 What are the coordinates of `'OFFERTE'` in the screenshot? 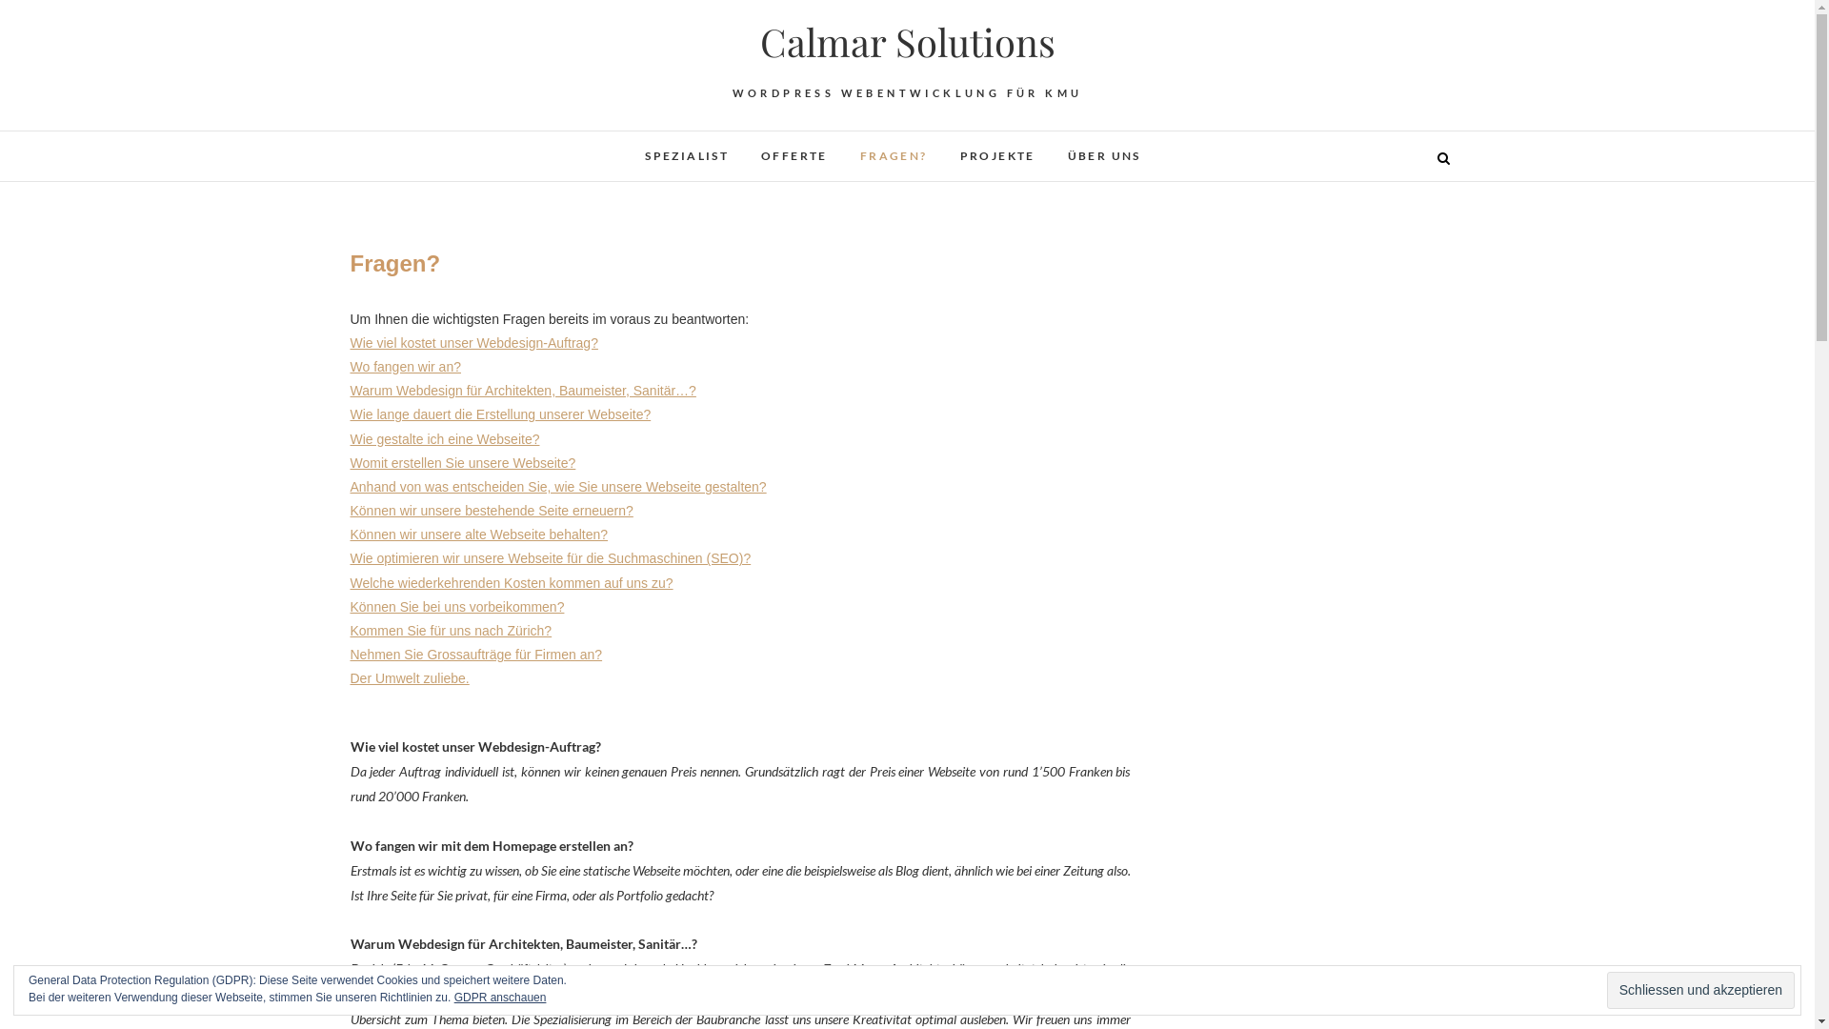 It's located at (794, 155).